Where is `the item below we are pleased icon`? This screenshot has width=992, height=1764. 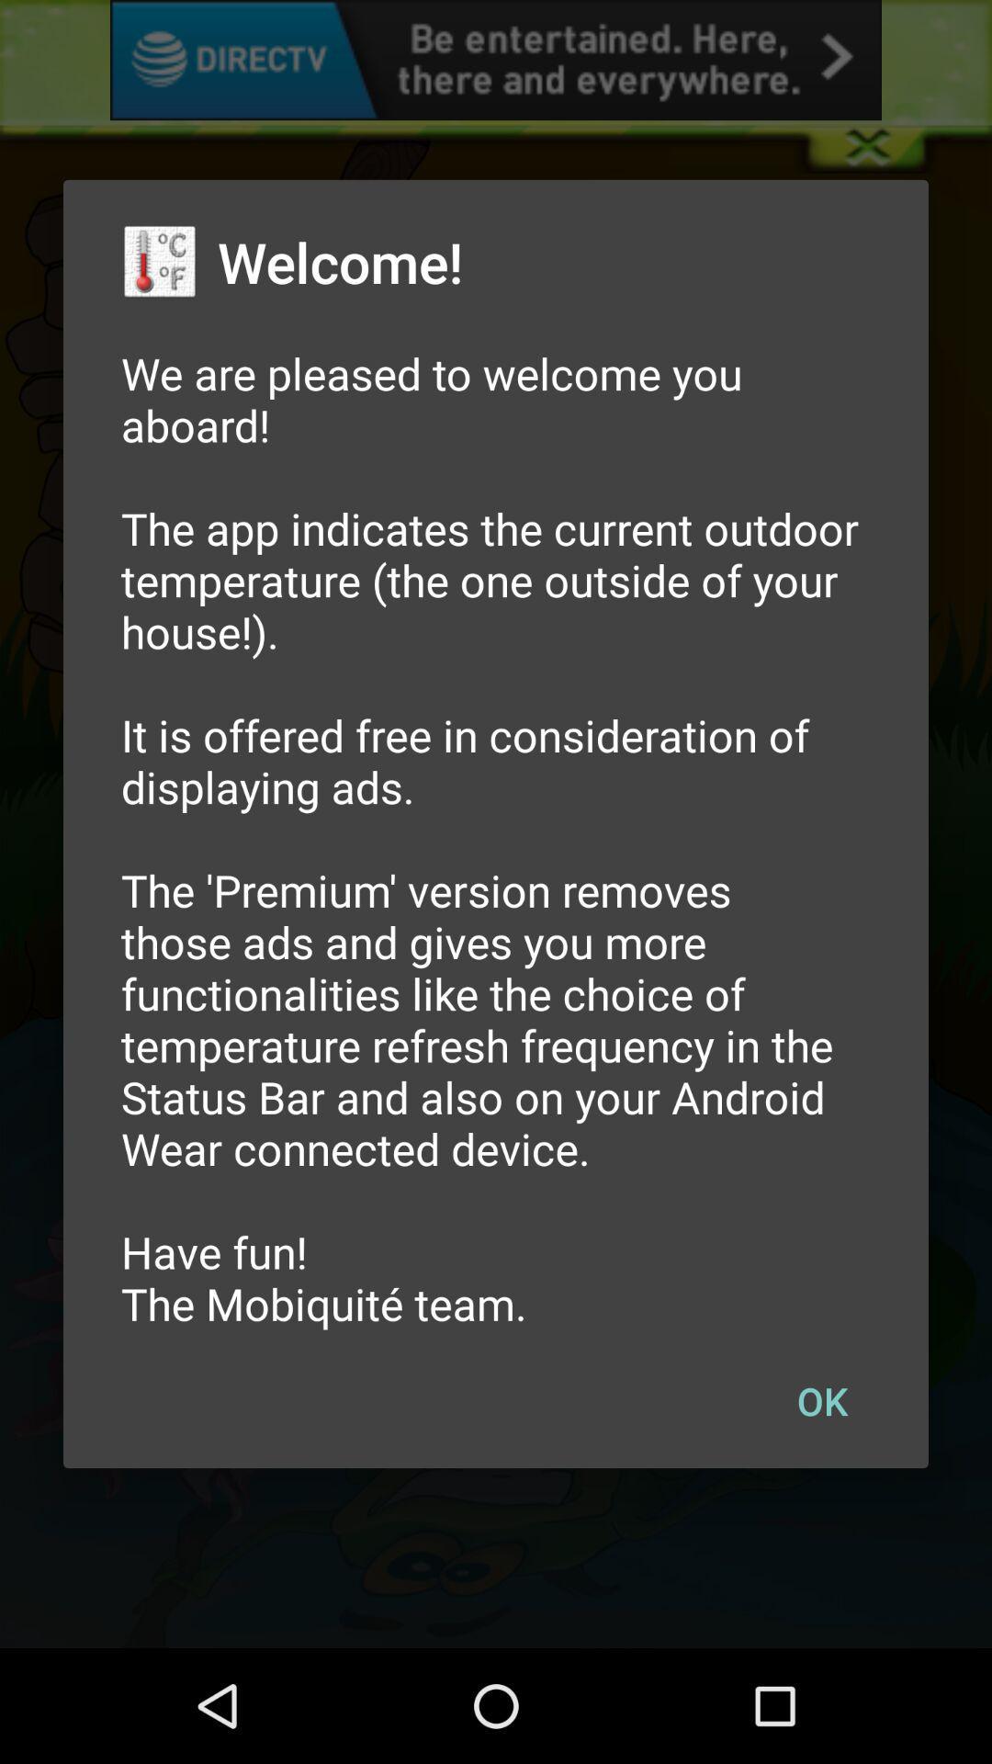
the item below we are pleased icon is located at coordinates (821, 1399).